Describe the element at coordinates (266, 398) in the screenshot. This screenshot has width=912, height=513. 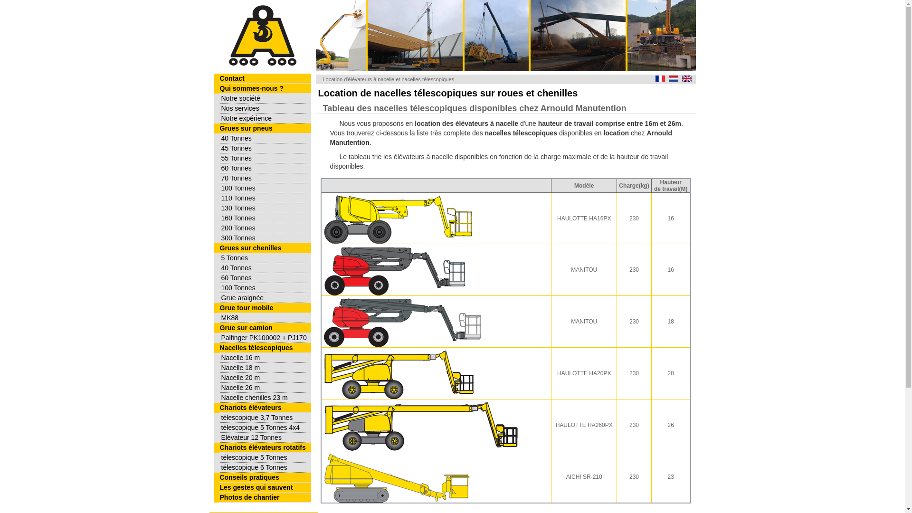
I see `'Nacelle chenilles 23 m'` at that location.